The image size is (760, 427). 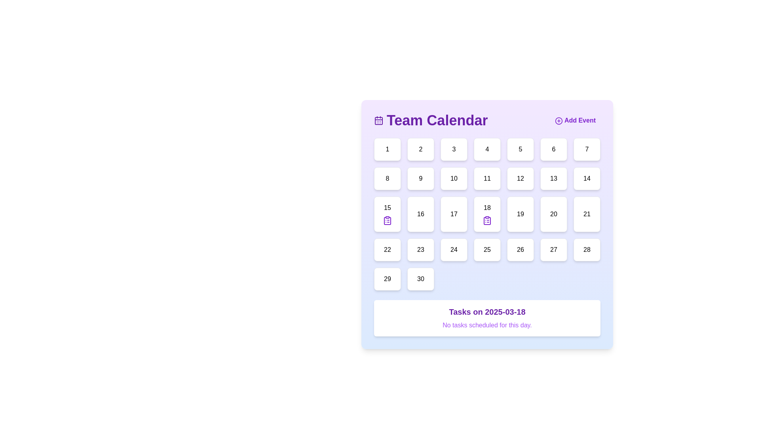 What do you see at coordinates (521, 250) in the screenshot?
I see `the rectangular button with rounded corners, white background, and the number '26' centered in black font located in the fifth row and fifth column of the calendar grid interface` at bounding box center [521, 250].